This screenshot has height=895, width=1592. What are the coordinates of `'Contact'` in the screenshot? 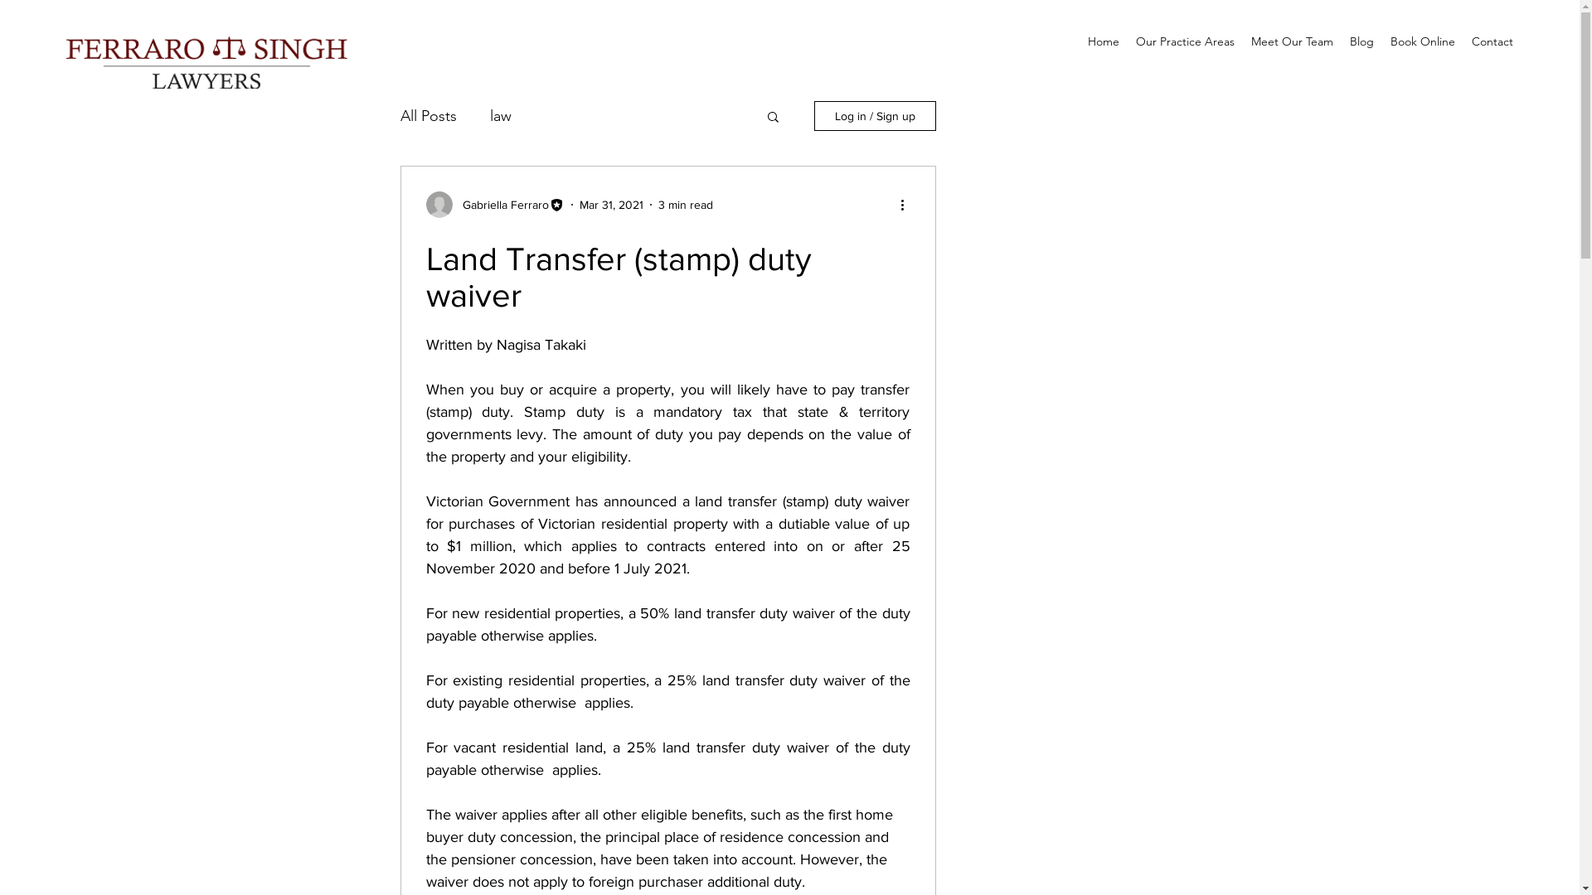 It's located at (1492, 41).